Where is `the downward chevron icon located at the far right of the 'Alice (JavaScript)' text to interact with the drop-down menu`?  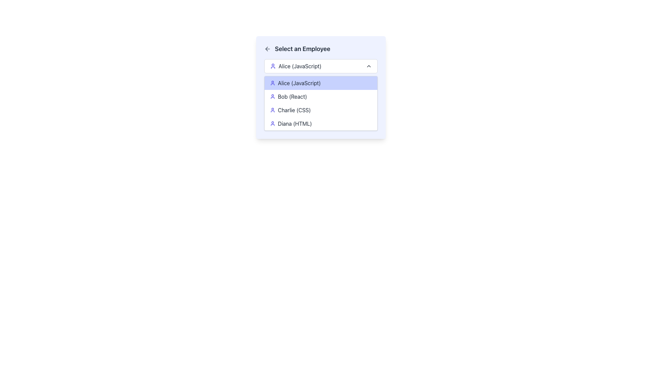 the downward chevron icon located at the far right of the 'Alice (JavaScript)' text to interact with the drop-down menu is located at coordinates (368, 66).